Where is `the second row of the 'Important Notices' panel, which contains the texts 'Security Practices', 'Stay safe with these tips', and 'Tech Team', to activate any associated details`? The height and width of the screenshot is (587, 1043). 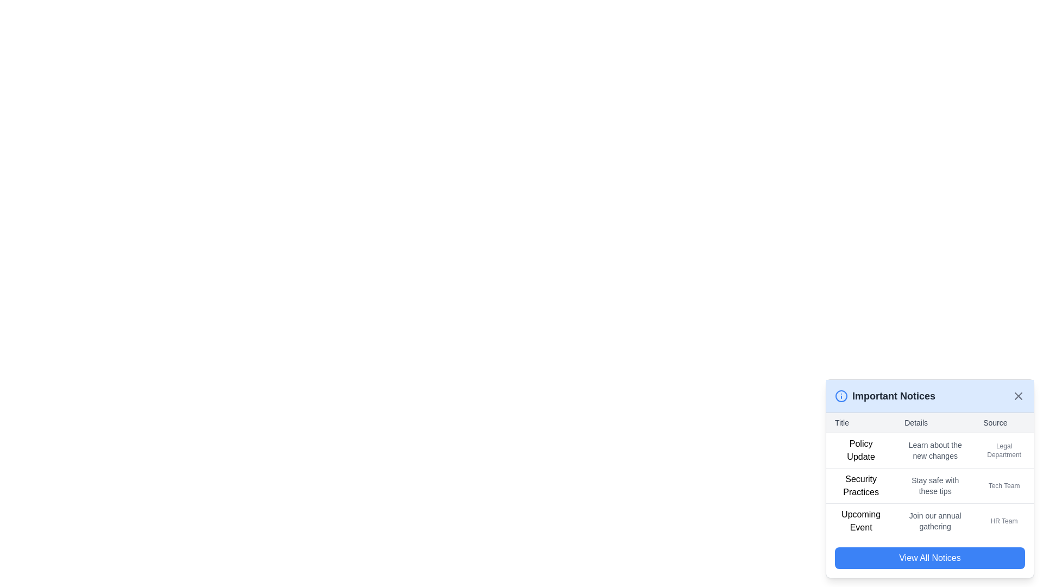
the second row of the 'Important Notices' panel, which contains the texts 'Security Practices', 'Stay safe with these tips', and 'Tech Team', to activate any associated details is located at coordinates (929, 485).